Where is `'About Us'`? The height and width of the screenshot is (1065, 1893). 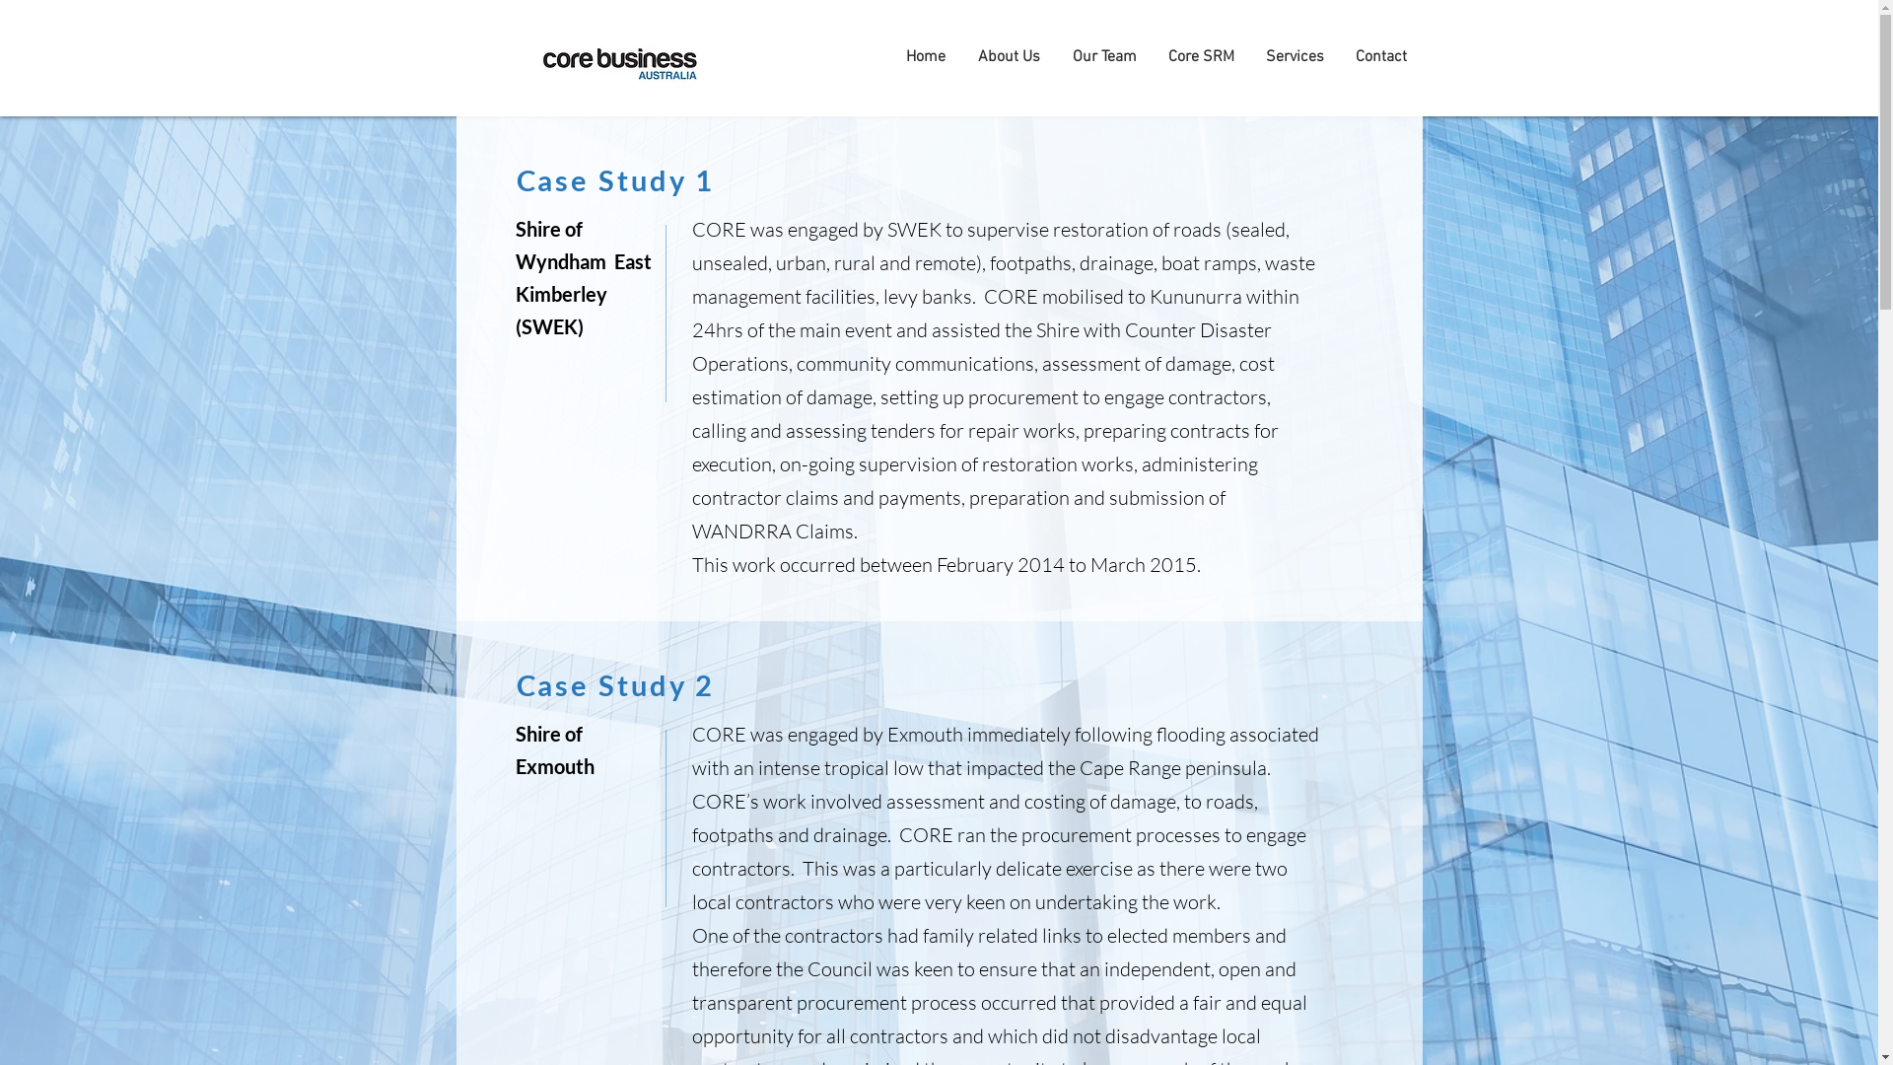
'About Us' is located at coordinates (1009, 56).